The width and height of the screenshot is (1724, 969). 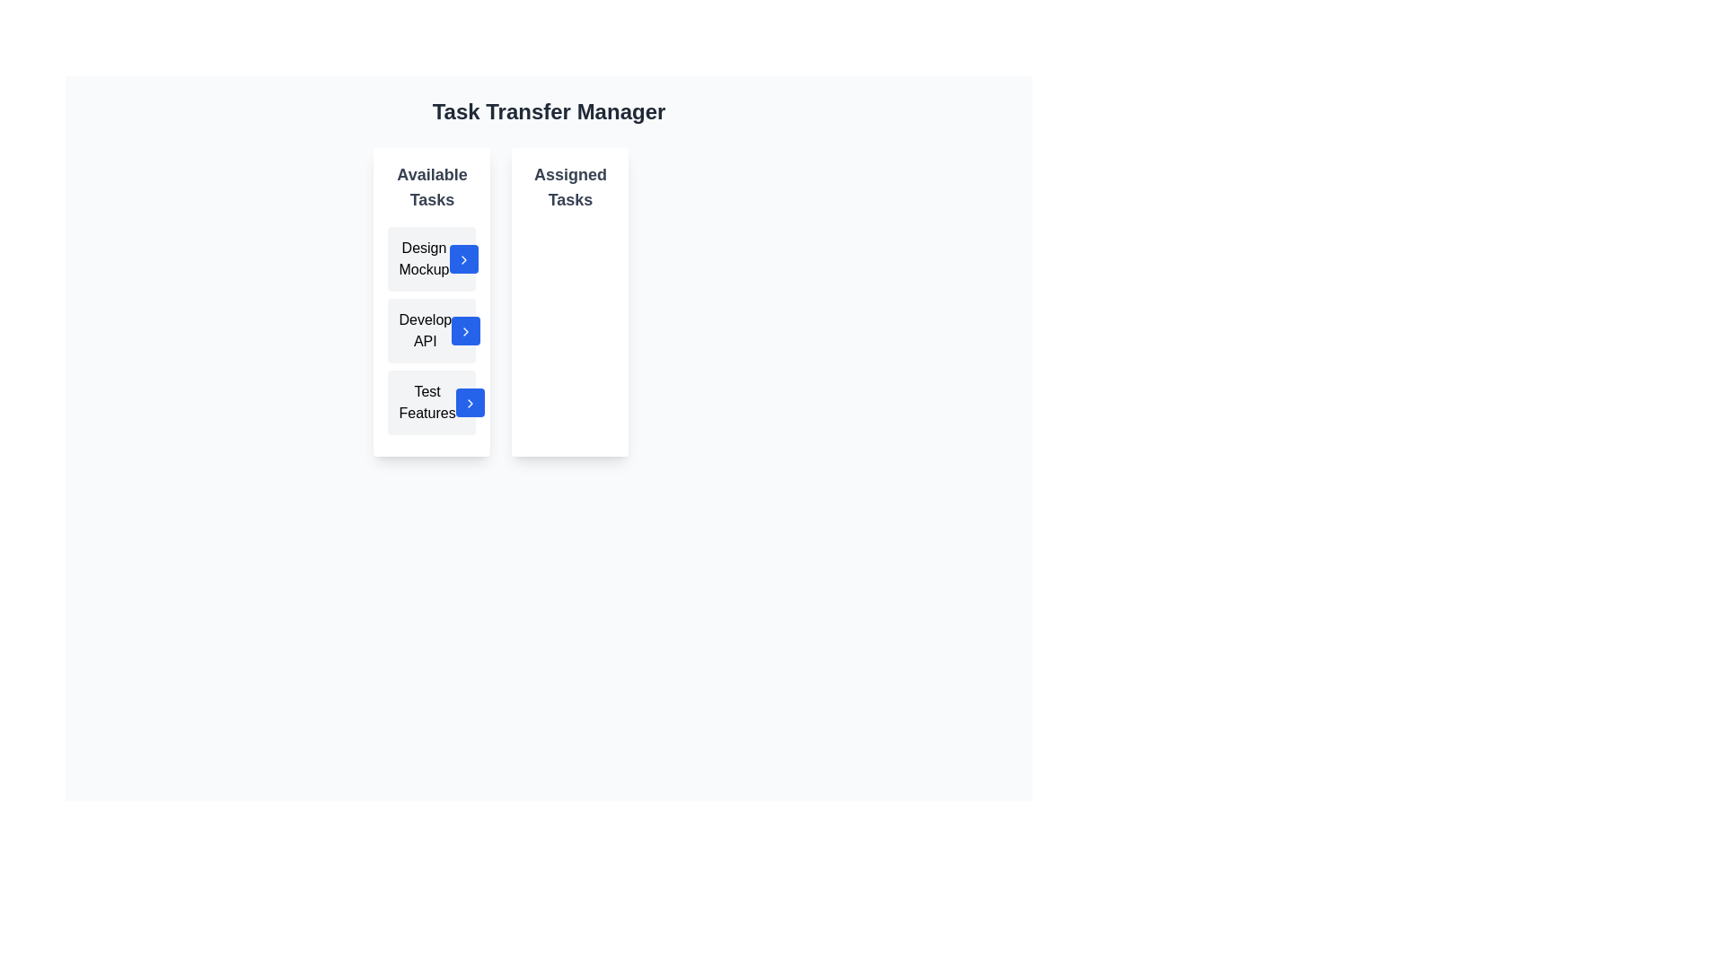 What do you see at coordinates (432, 331) in the screenshot?
I see `the 'Develop API' button` at bounding box center [432, 331].